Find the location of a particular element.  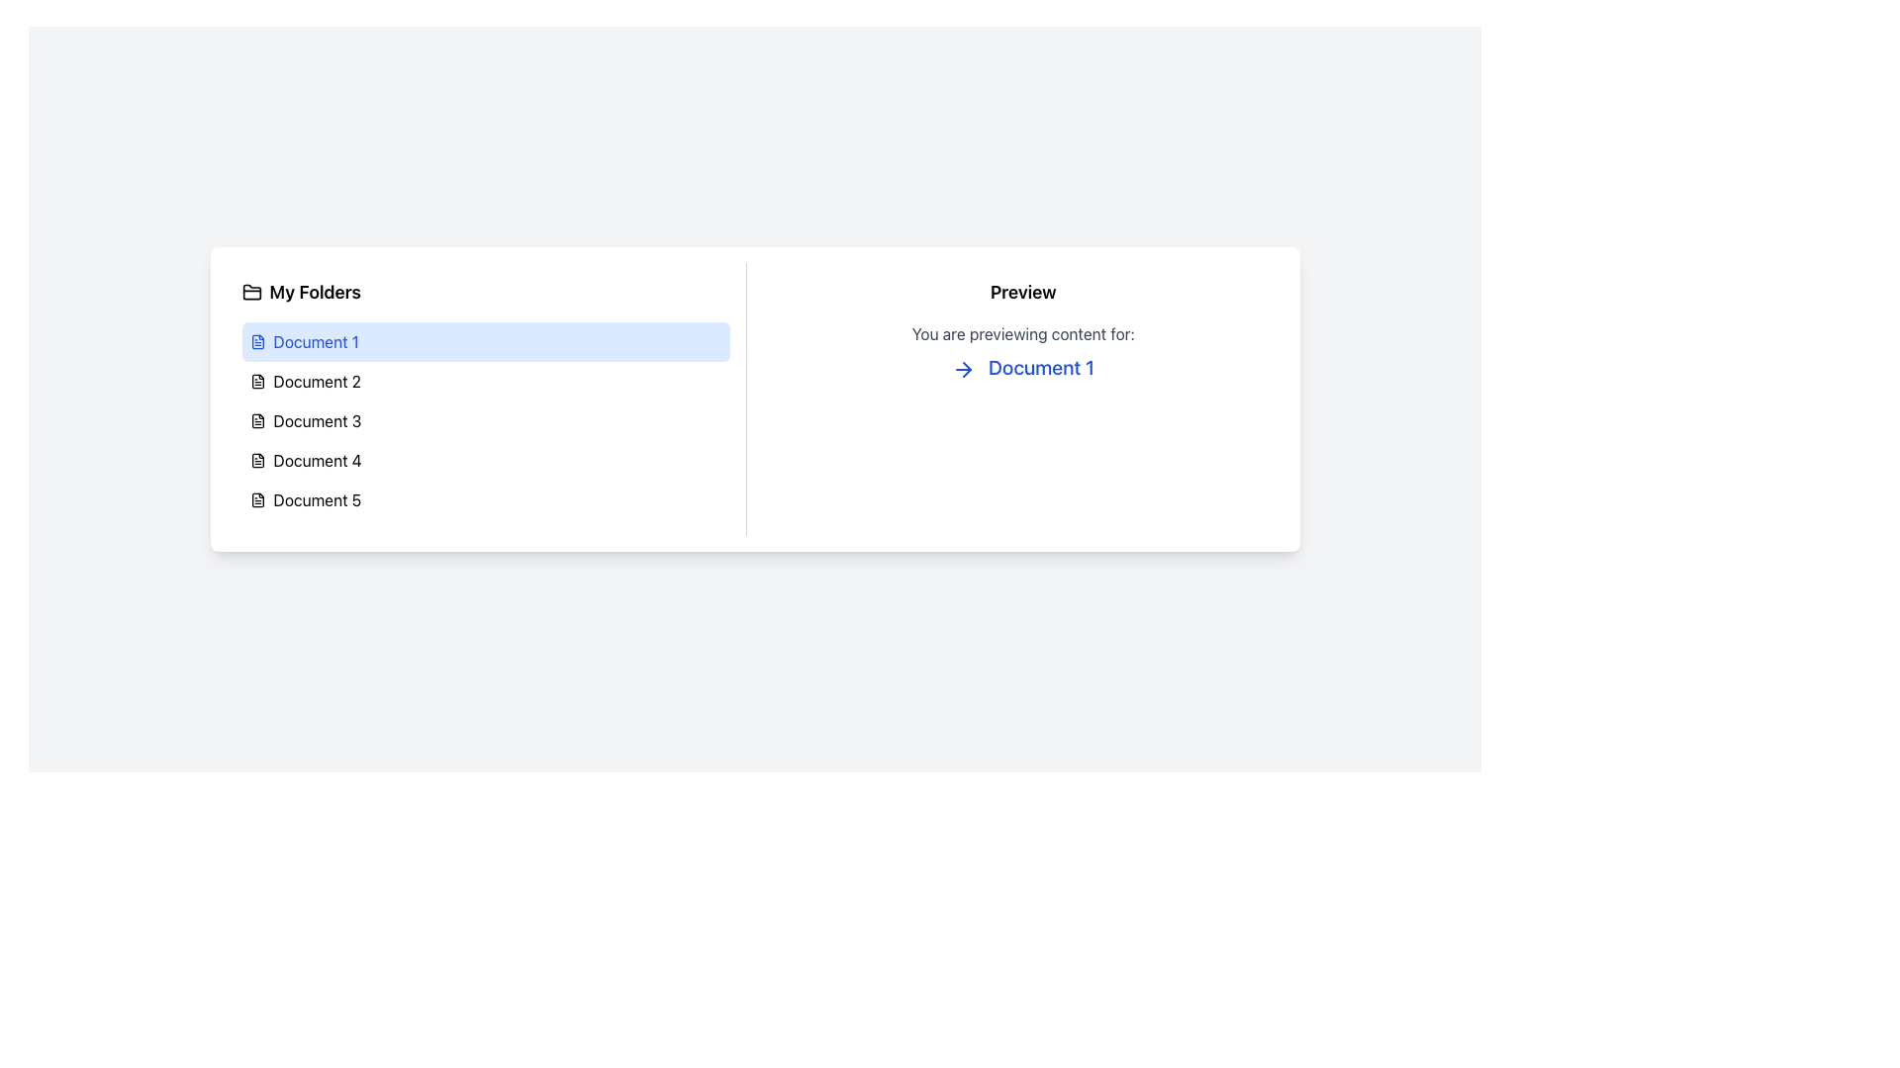

a document in the 'My Folders' vertical list is located at coordinates (486, 400).